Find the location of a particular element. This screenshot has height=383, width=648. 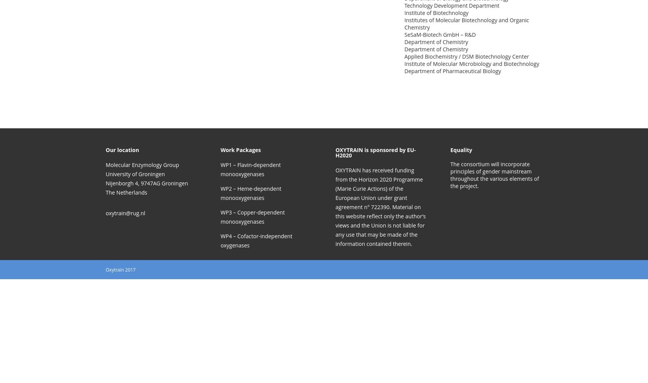

'Our location' is located at coordinates (122, 150).